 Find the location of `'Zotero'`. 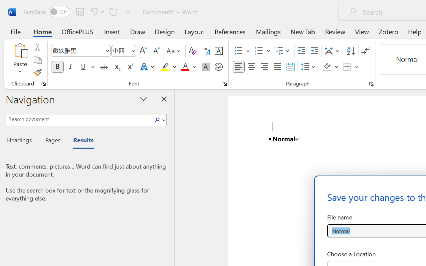

'Zotero' is located at coordinates (388, 31).